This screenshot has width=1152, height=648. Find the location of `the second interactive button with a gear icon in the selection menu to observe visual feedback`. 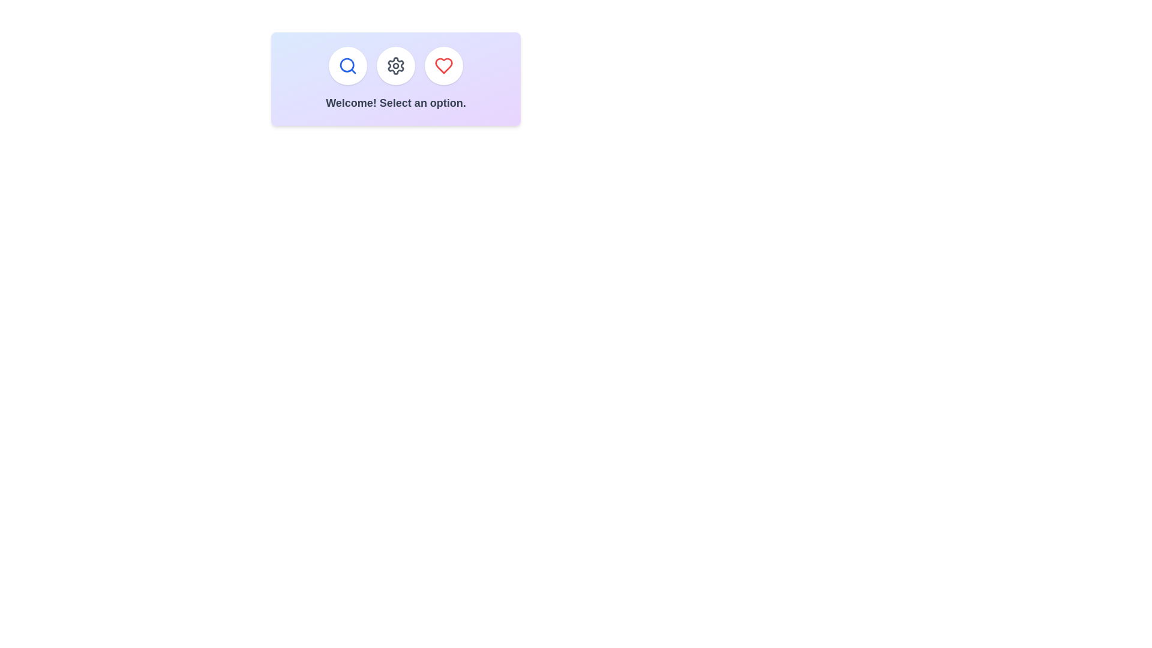

the second interactive button with a gear icon in the selection menu to observe visual feedback is located at coordinates (396, 66).